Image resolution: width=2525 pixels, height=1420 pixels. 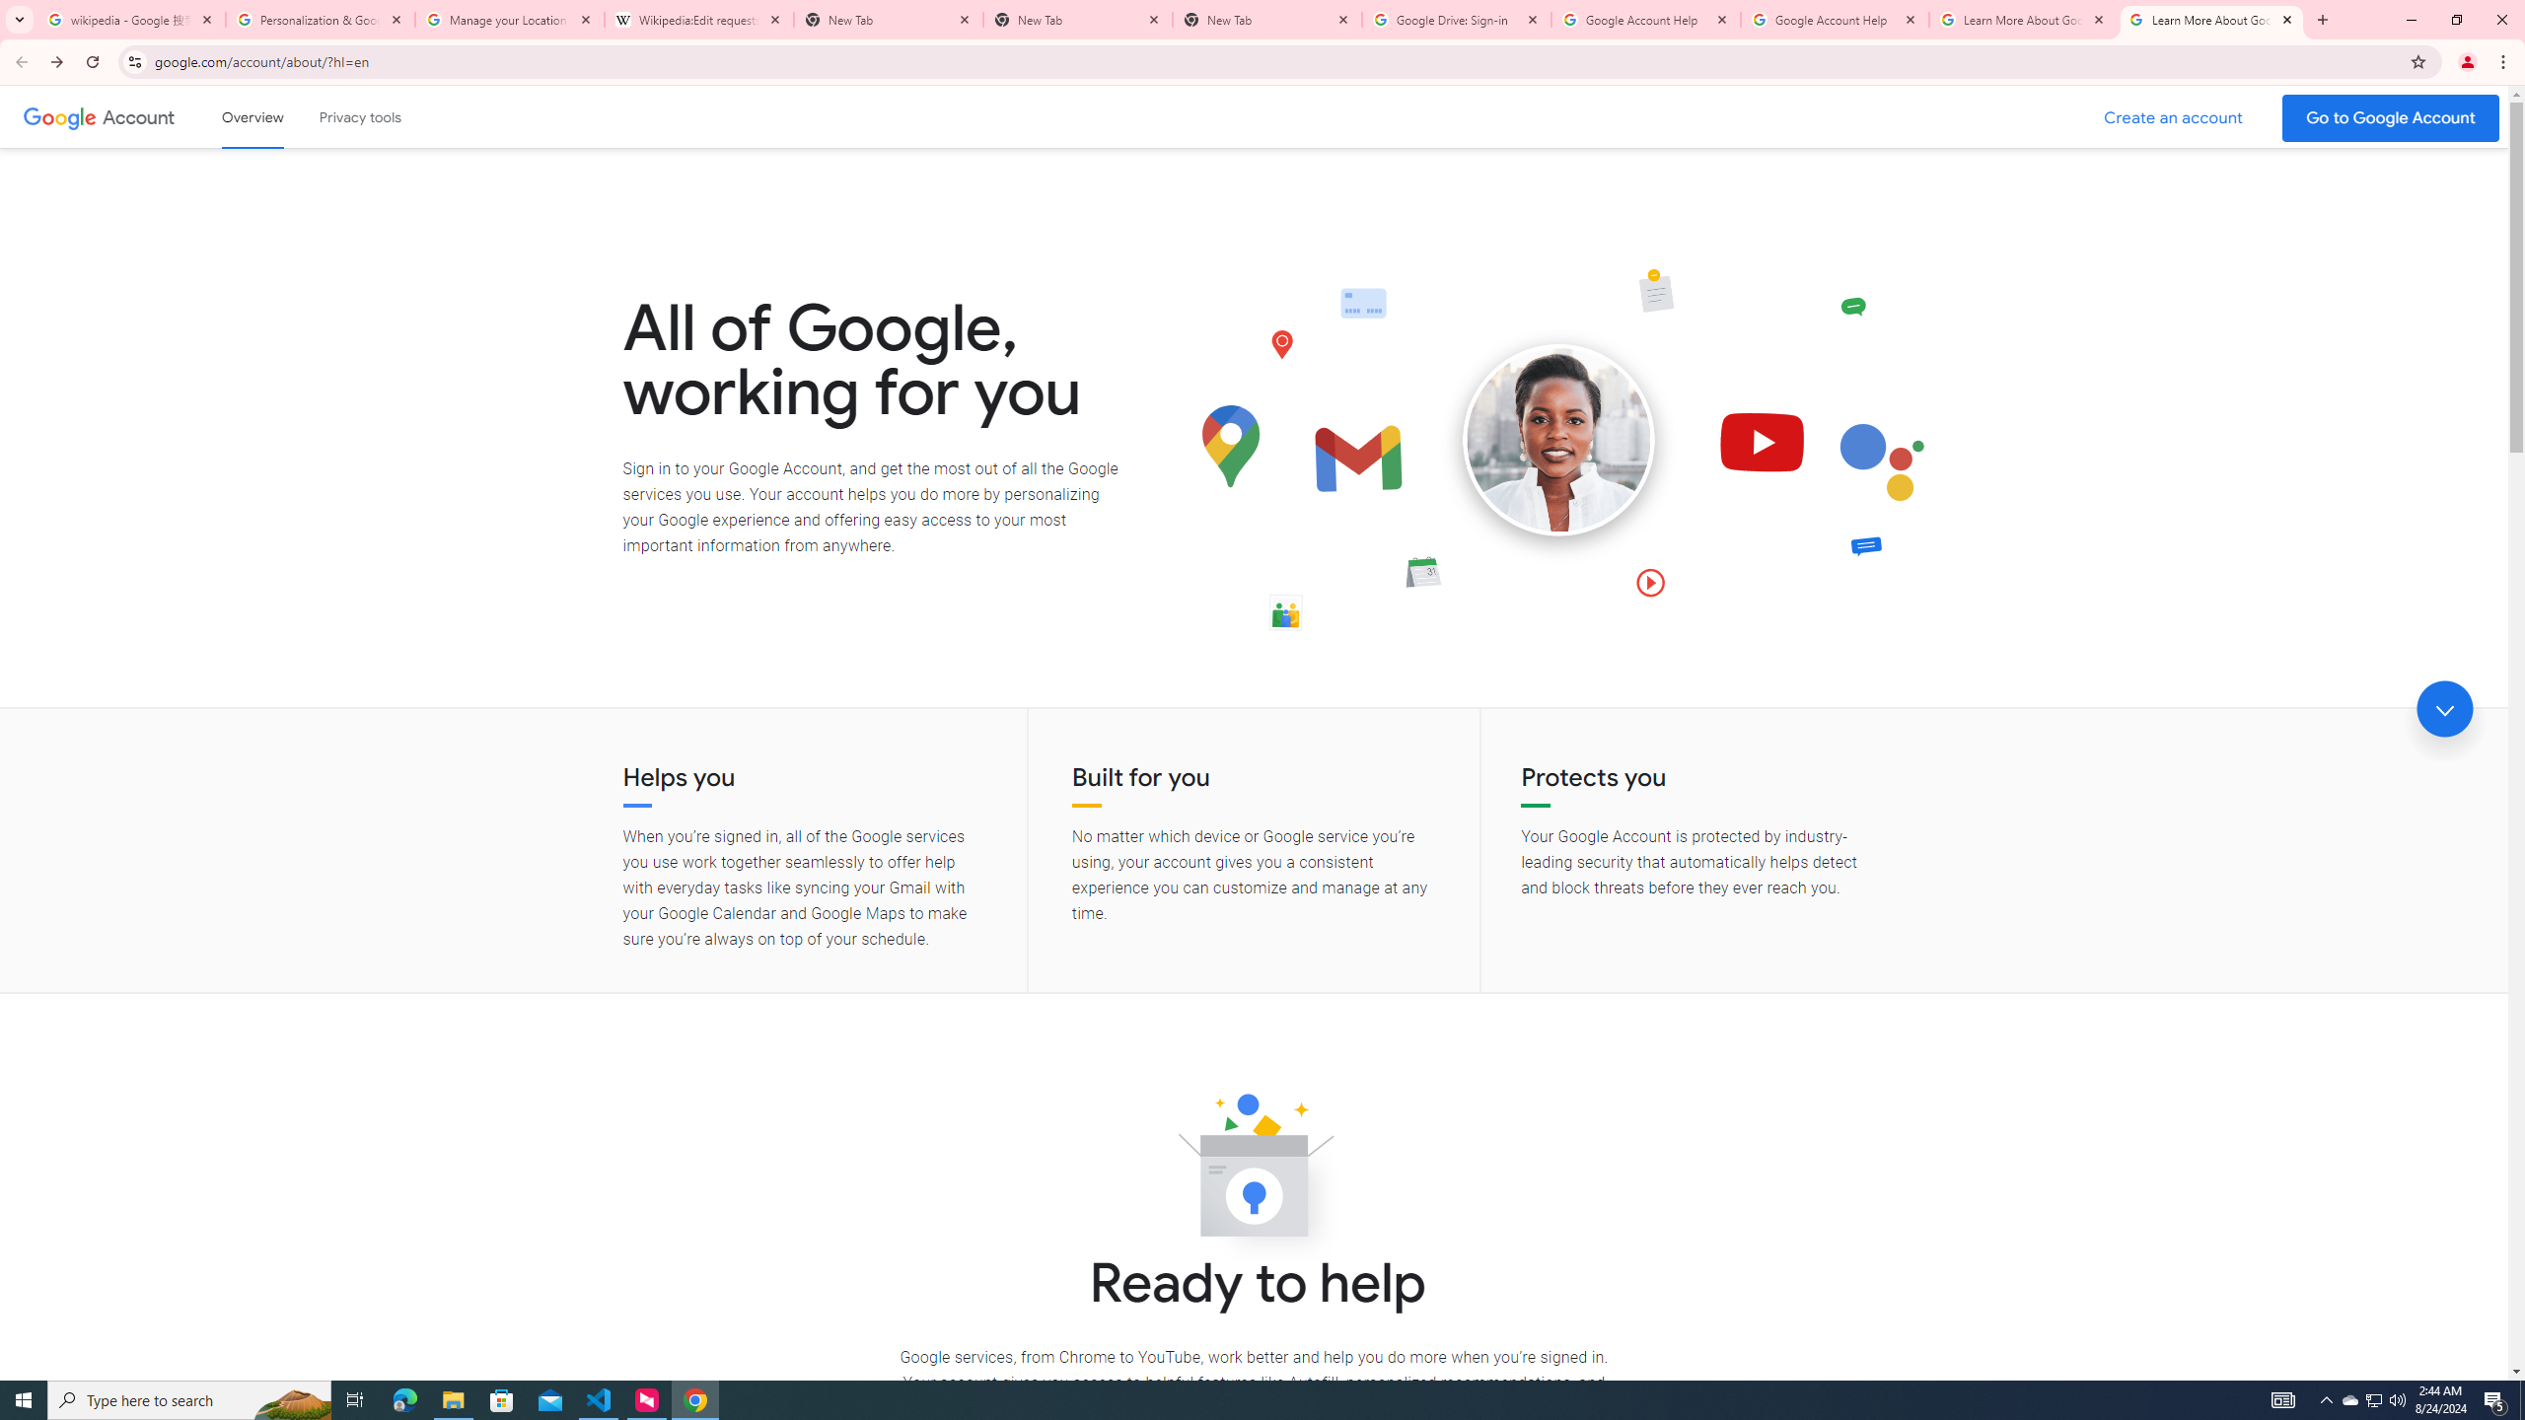 What do you see at coordinates (699, 19) in the screenshot?
I see `'Wikipedia:Edit requests - Wikipedia'` at bounding box center [699, 19].